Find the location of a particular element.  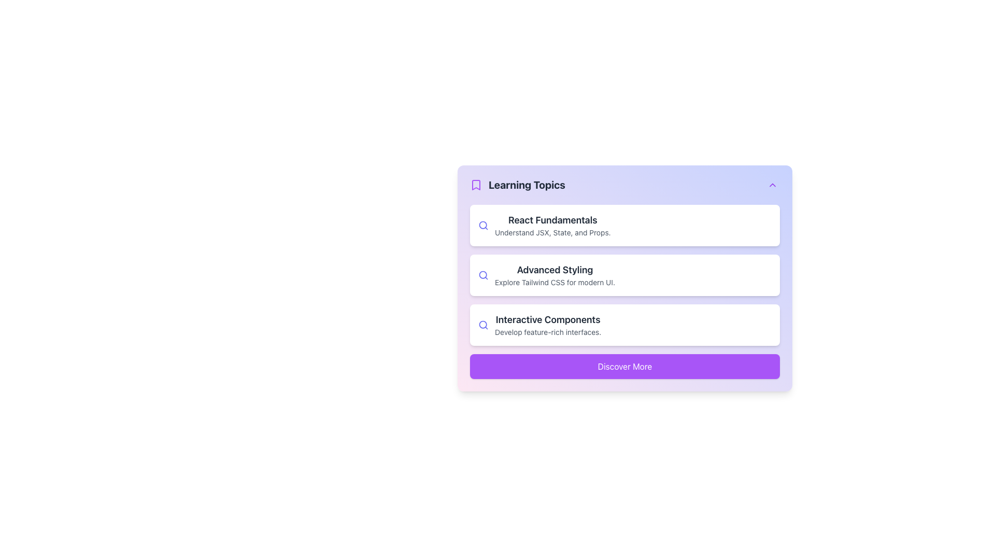

the descriptive subtitle text located below the 'Advanced Styling' title in the middle card of the vertical stack of content cards is located at coordinates (554, 282).